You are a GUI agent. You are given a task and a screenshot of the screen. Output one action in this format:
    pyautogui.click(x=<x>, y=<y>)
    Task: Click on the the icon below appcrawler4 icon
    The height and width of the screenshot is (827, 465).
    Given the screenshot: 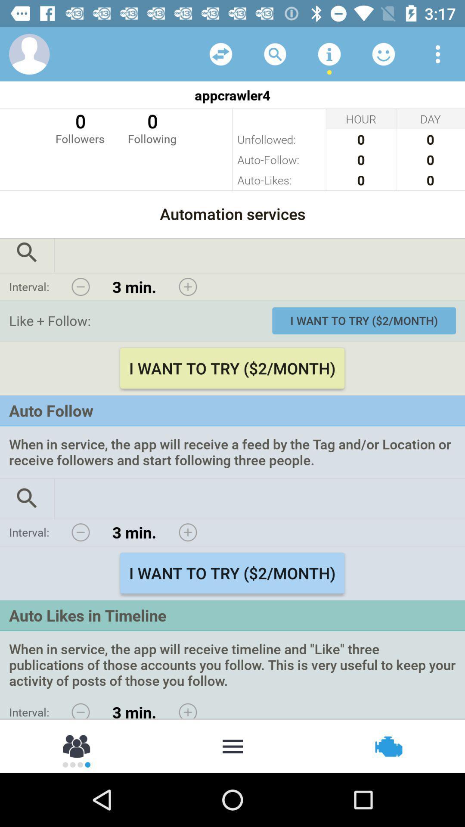 What is the action you would take?
    pyautogui.click(x=152, y=127)
    